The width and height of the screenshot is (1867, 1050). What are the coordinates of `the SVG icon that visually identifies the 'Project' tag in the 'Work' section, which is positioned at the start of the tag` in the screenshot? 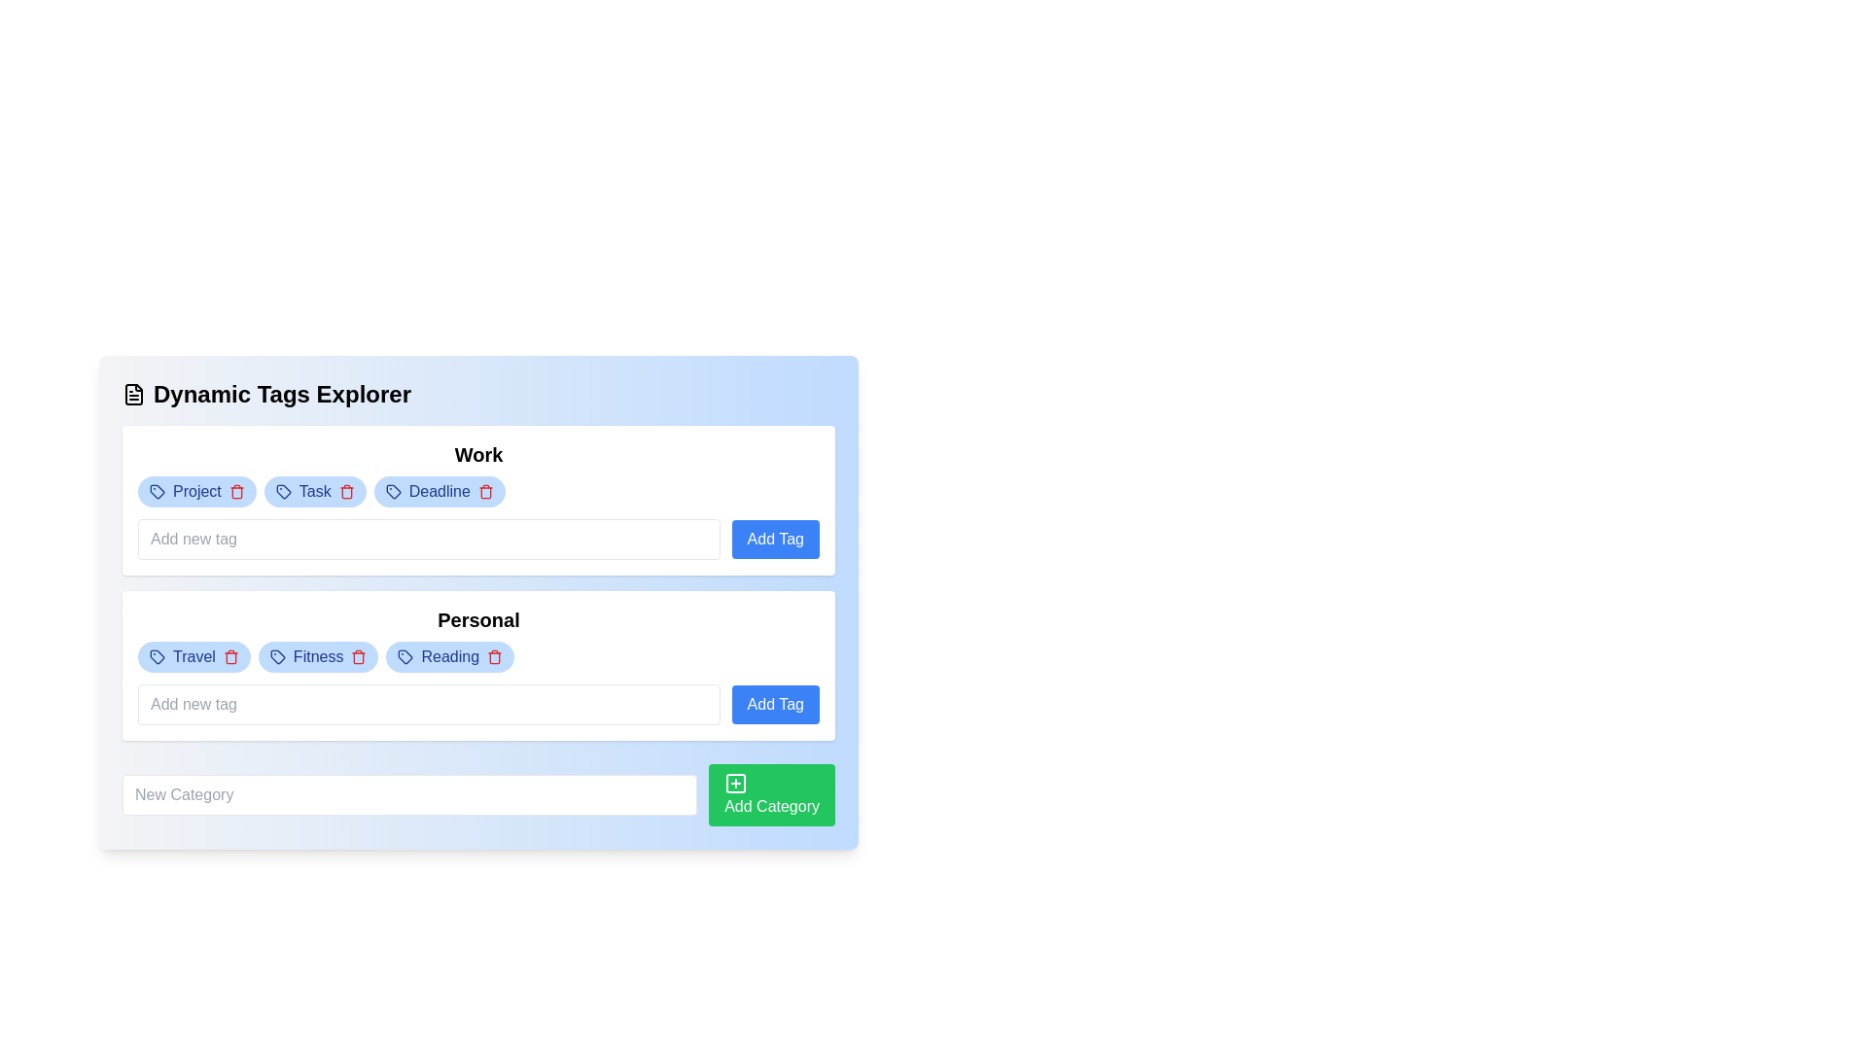 It's located at (158, 490).